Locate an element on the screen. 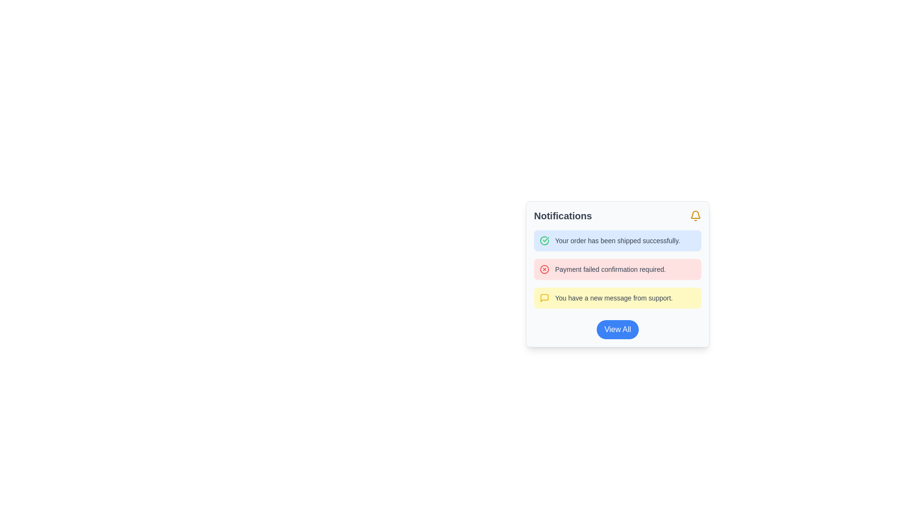 The image size is (918, 516). the yellow bell icon in the header section of the notifications card, which is located to the top-right of the 'Notifications' text heading is located at coordinates (695, 215).